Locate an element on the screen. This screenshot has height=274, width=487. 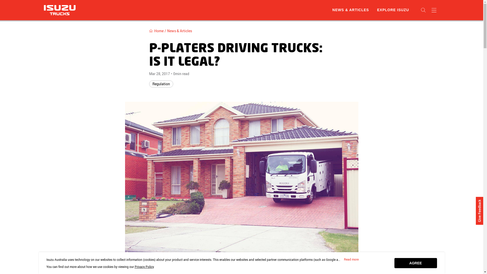
'Privacy Policy' is located at coordinates (144, 266).